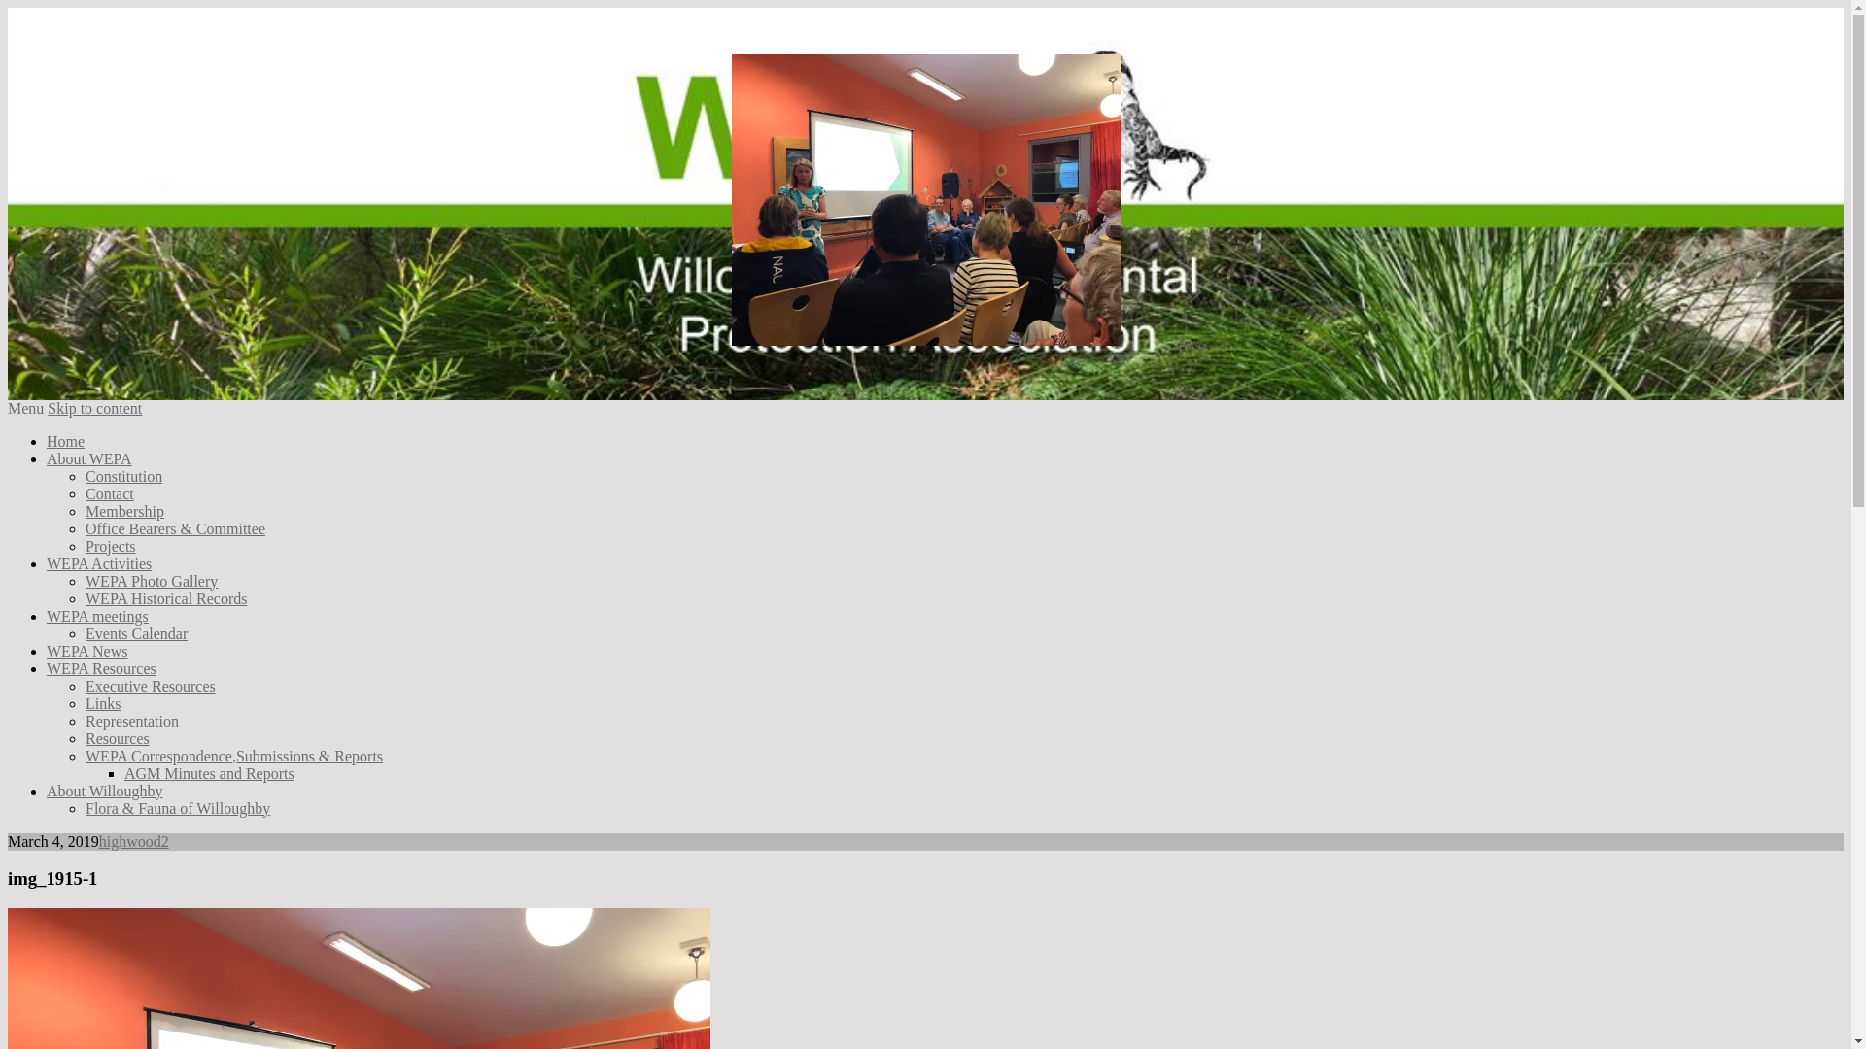 This screenshot has height=1049, width=1866. What do you see at coordinates (25, 407) in the screenshot?
I see `'Menu'` at bounding box center [25, 407].